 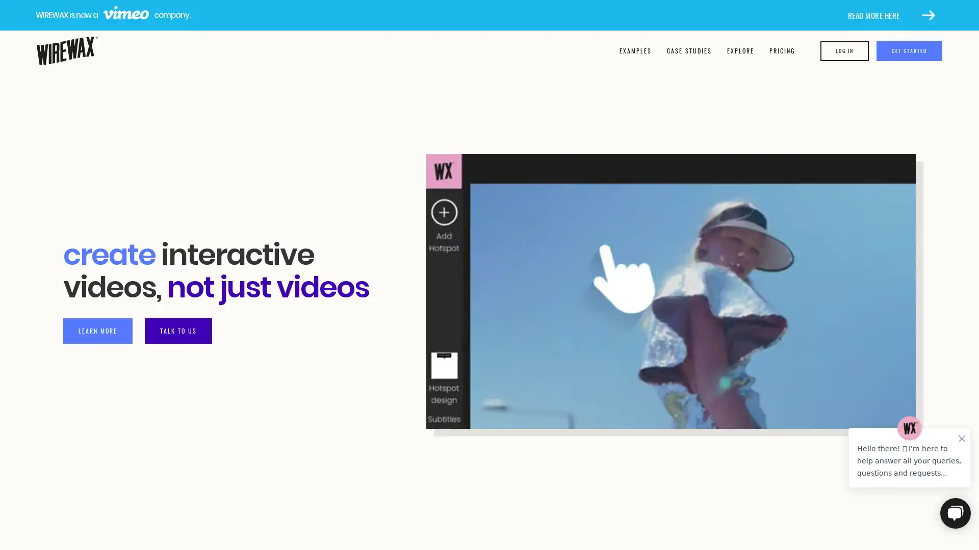 What do you see at coordinates (178, 330) in the screenshot?
I see `TALK TO US` at bounding box center [178, 330].